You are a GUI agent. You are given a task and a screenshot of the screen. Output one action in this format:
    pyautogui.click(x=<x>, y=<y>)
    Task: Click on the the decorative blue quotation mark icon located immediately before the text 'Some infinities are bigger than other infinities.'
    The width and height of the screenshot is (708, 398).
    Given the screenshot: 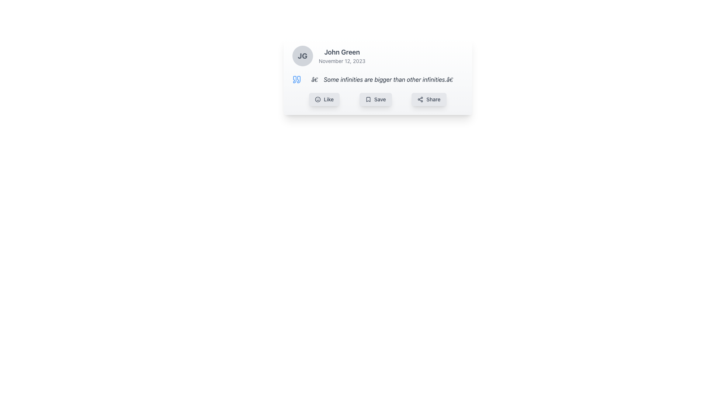 What is the action you would take?
    pyautogui.click(x=296, y=80)
    